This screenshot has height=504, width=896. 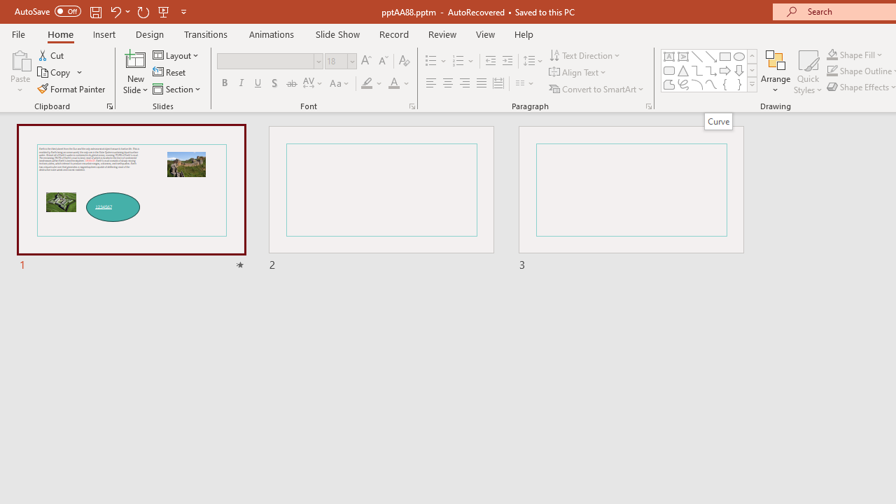 I want to click on 'Shape Outline Teal, Accent 1', so click(x=832, y=71).